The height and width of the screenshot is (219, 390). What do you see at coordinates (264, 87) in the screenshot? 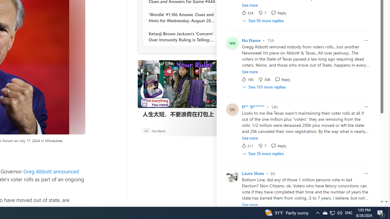
I see `'See 110 more replies'` at bounding box center [264, 87].